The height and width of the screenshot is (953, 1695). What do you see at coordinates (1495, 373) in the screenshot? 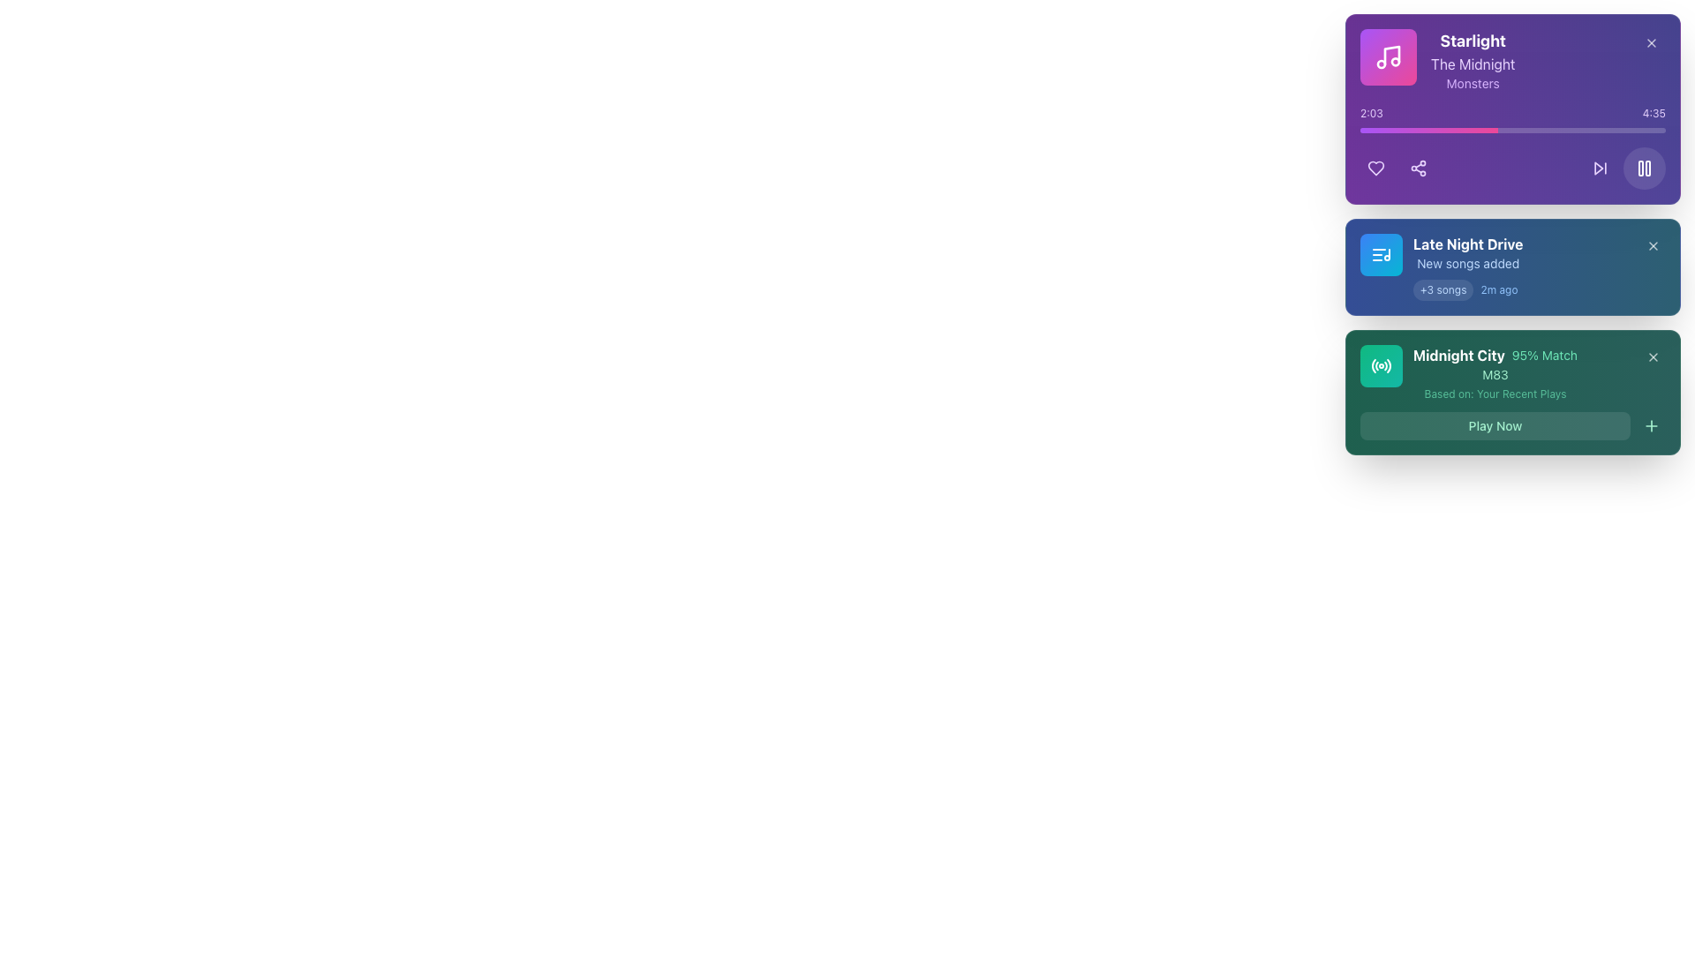
I see `text 'M83' displayed in a small light green font against a darker green background, located towards the bottom-middle section of the 'Midnight City' card` at bounding box center [1495, 373].